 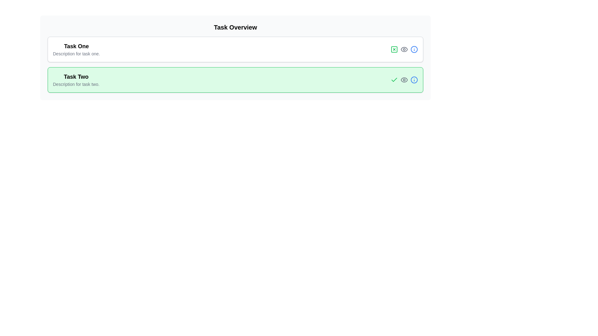 I want to click on the blue information icon, which is part of a group of interactive icons in the bottom-right corner of the 'Task Two' section, so click(x=404, y=80).